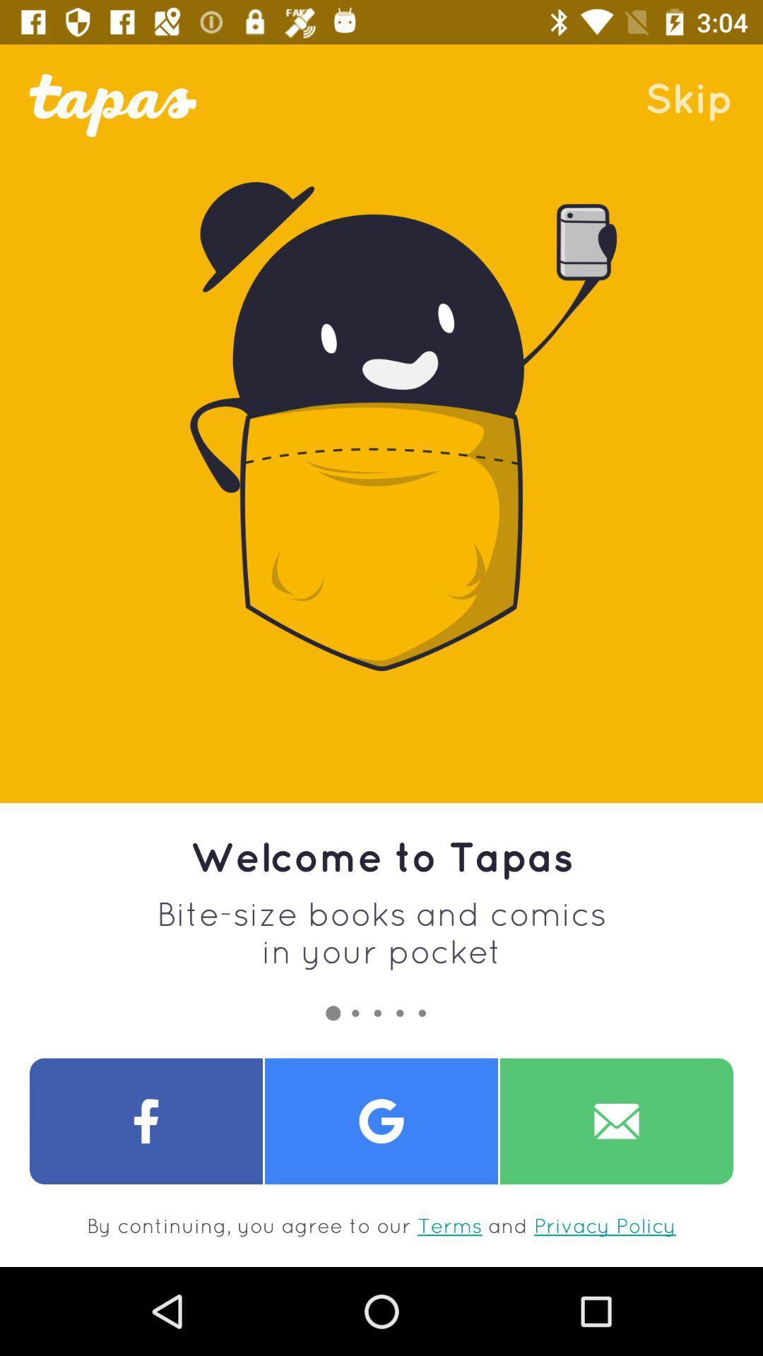 The height and width of the screenshot is (1356, 763). Describe the element at coordinates (146, 1120) in the screenshot. I see `open facebook` at that location.